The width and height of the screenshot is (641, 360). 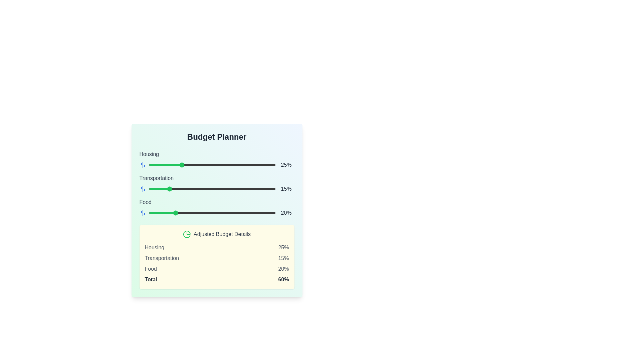 What do you see at coordinates (217, 248) in the screenshot?
I see `information displayed in the first row of the budget breakdown section, which summarizes the percentage allocation of the budget for 'Housing'` at bounding box center [217, 248].